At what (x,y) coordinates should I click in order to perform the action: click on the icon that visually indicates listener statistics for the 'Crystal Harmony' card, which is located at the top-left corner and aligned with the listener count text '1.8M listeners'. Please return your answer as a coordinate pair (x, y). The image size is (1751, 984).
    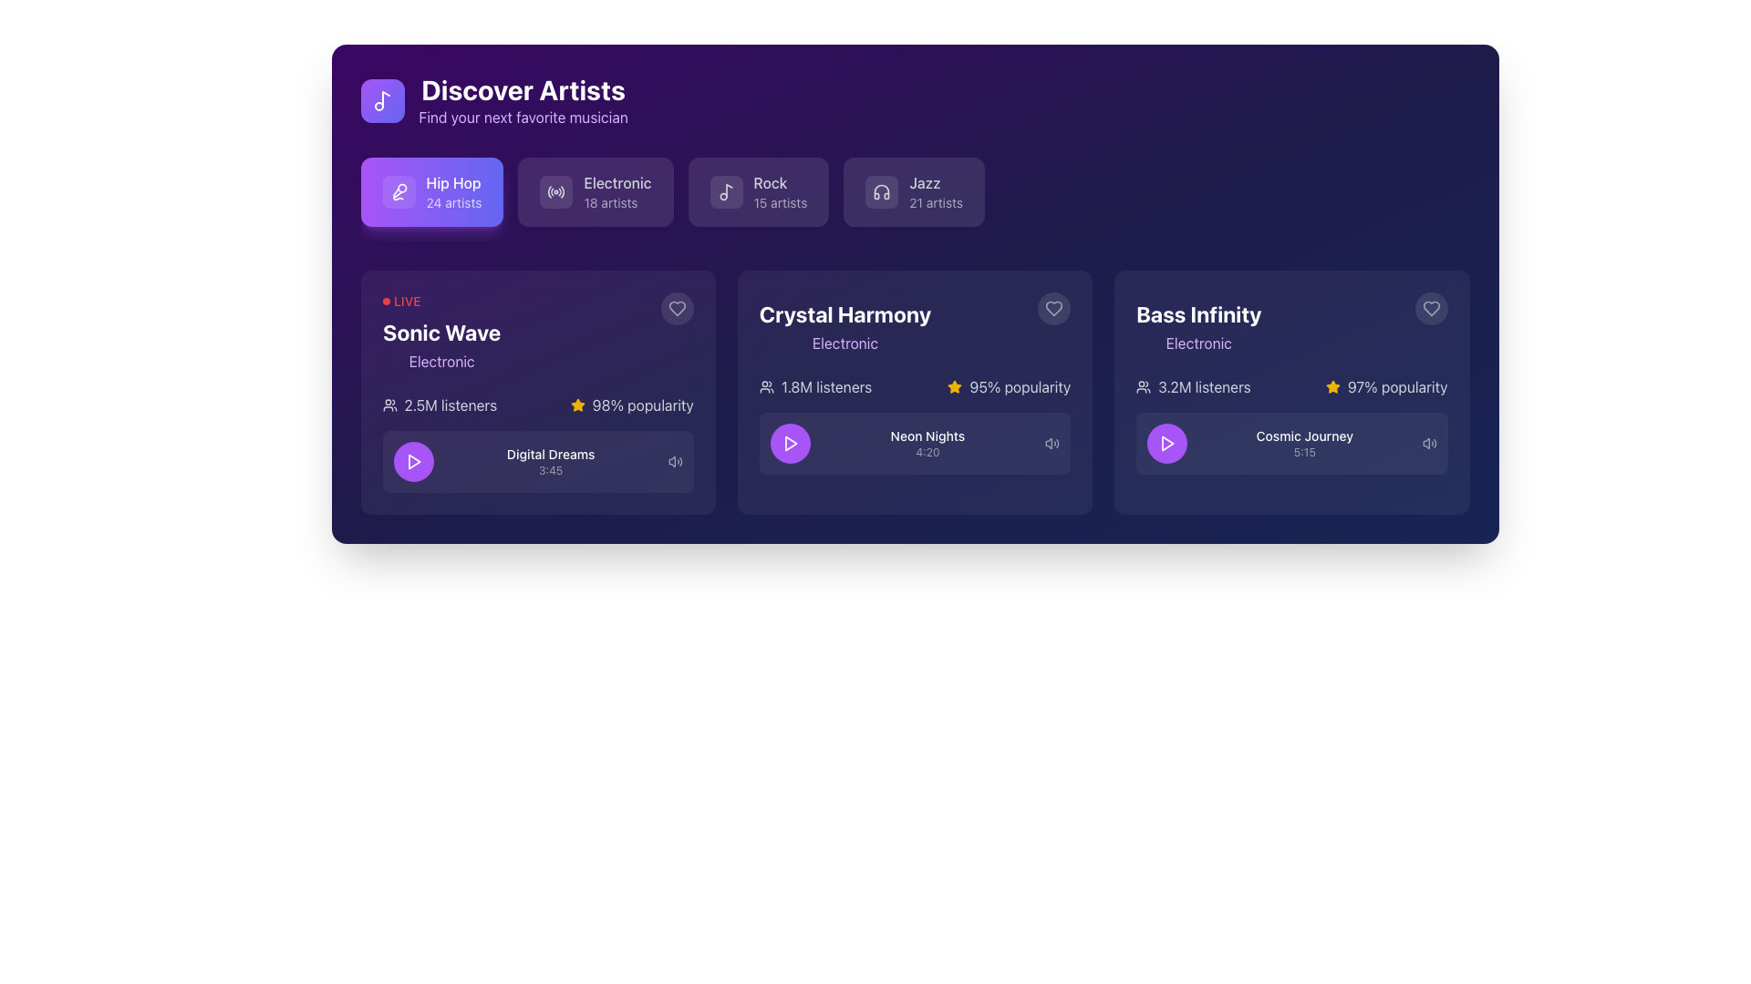
    Looking at the image, I should click on (766, 385).